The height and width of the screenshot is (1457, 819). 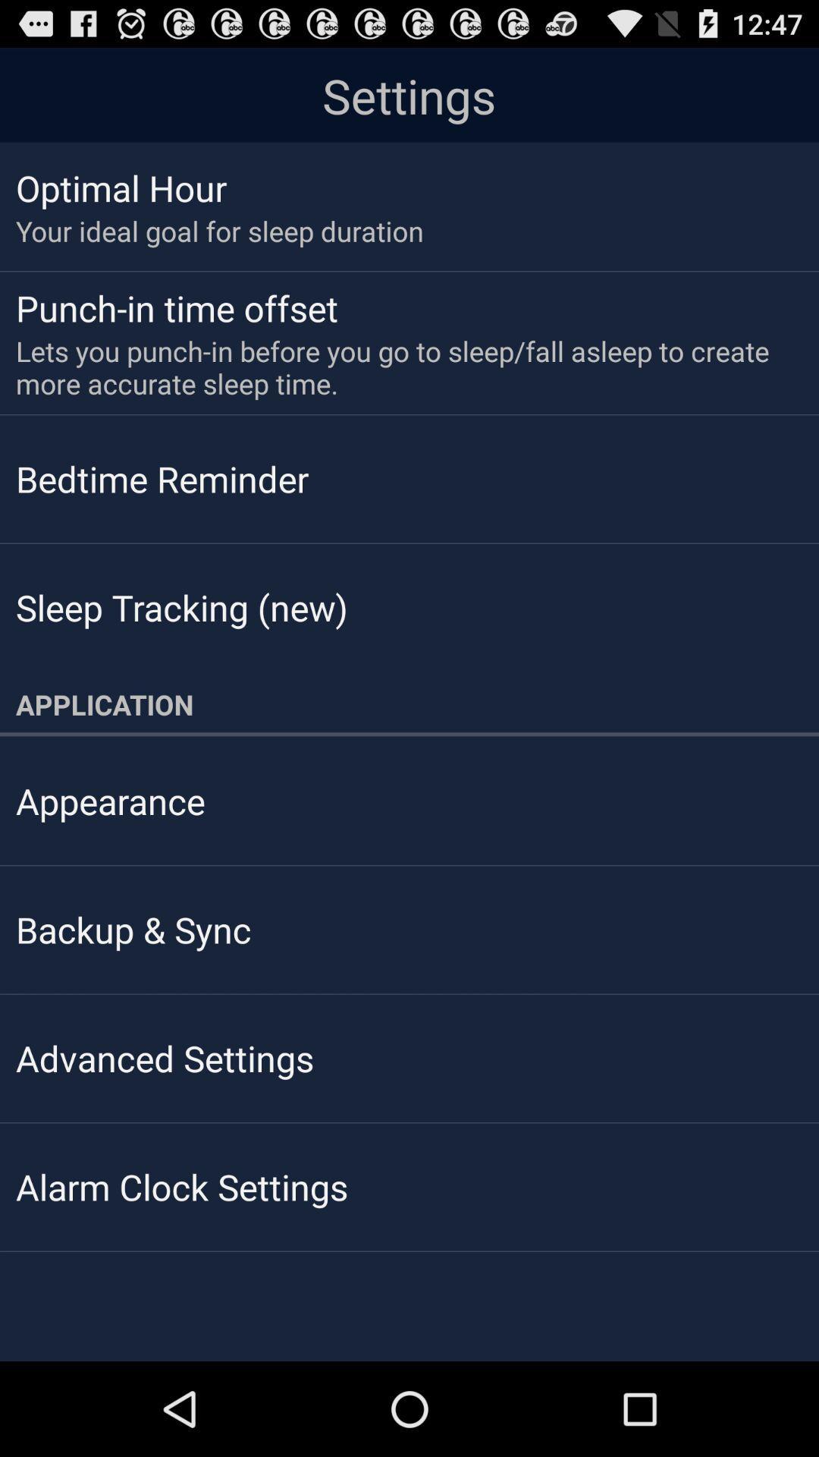 I want to click on the appearance icon, so click(x=109, y=800).